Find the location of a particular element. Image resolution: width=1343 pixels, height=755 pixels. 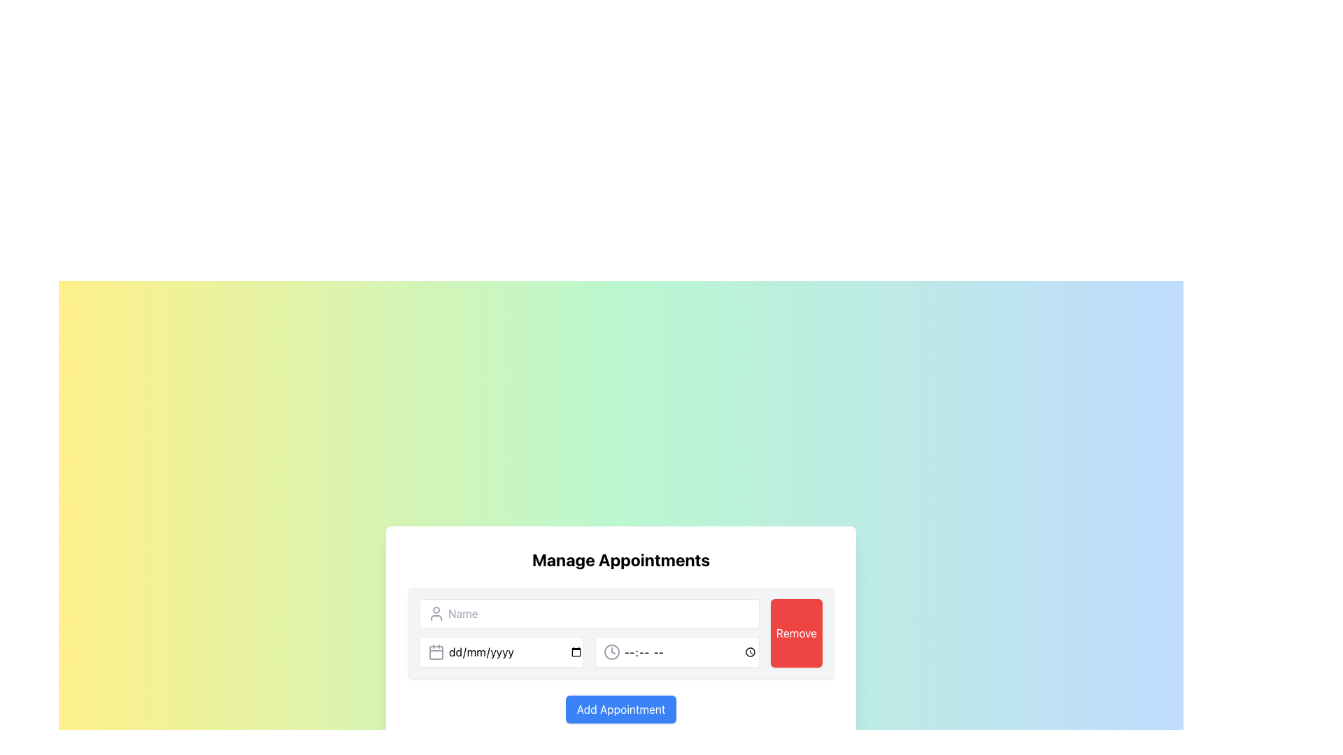

the user silhouette icon, which is gray with a stroke outline and rounded edges, located to the left of the 'Name' input field in the 'Manage Appointments' section is located at coordinates (436, 613).